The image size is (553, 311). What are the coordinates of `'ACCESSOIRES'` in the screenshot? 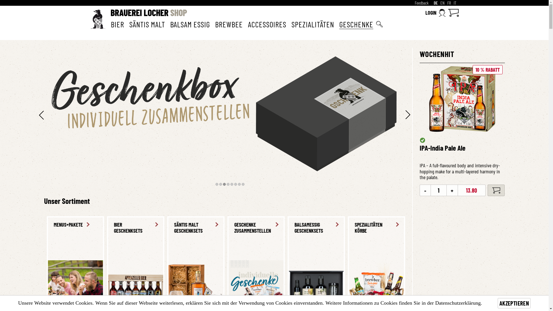 It's located at (266, 24).